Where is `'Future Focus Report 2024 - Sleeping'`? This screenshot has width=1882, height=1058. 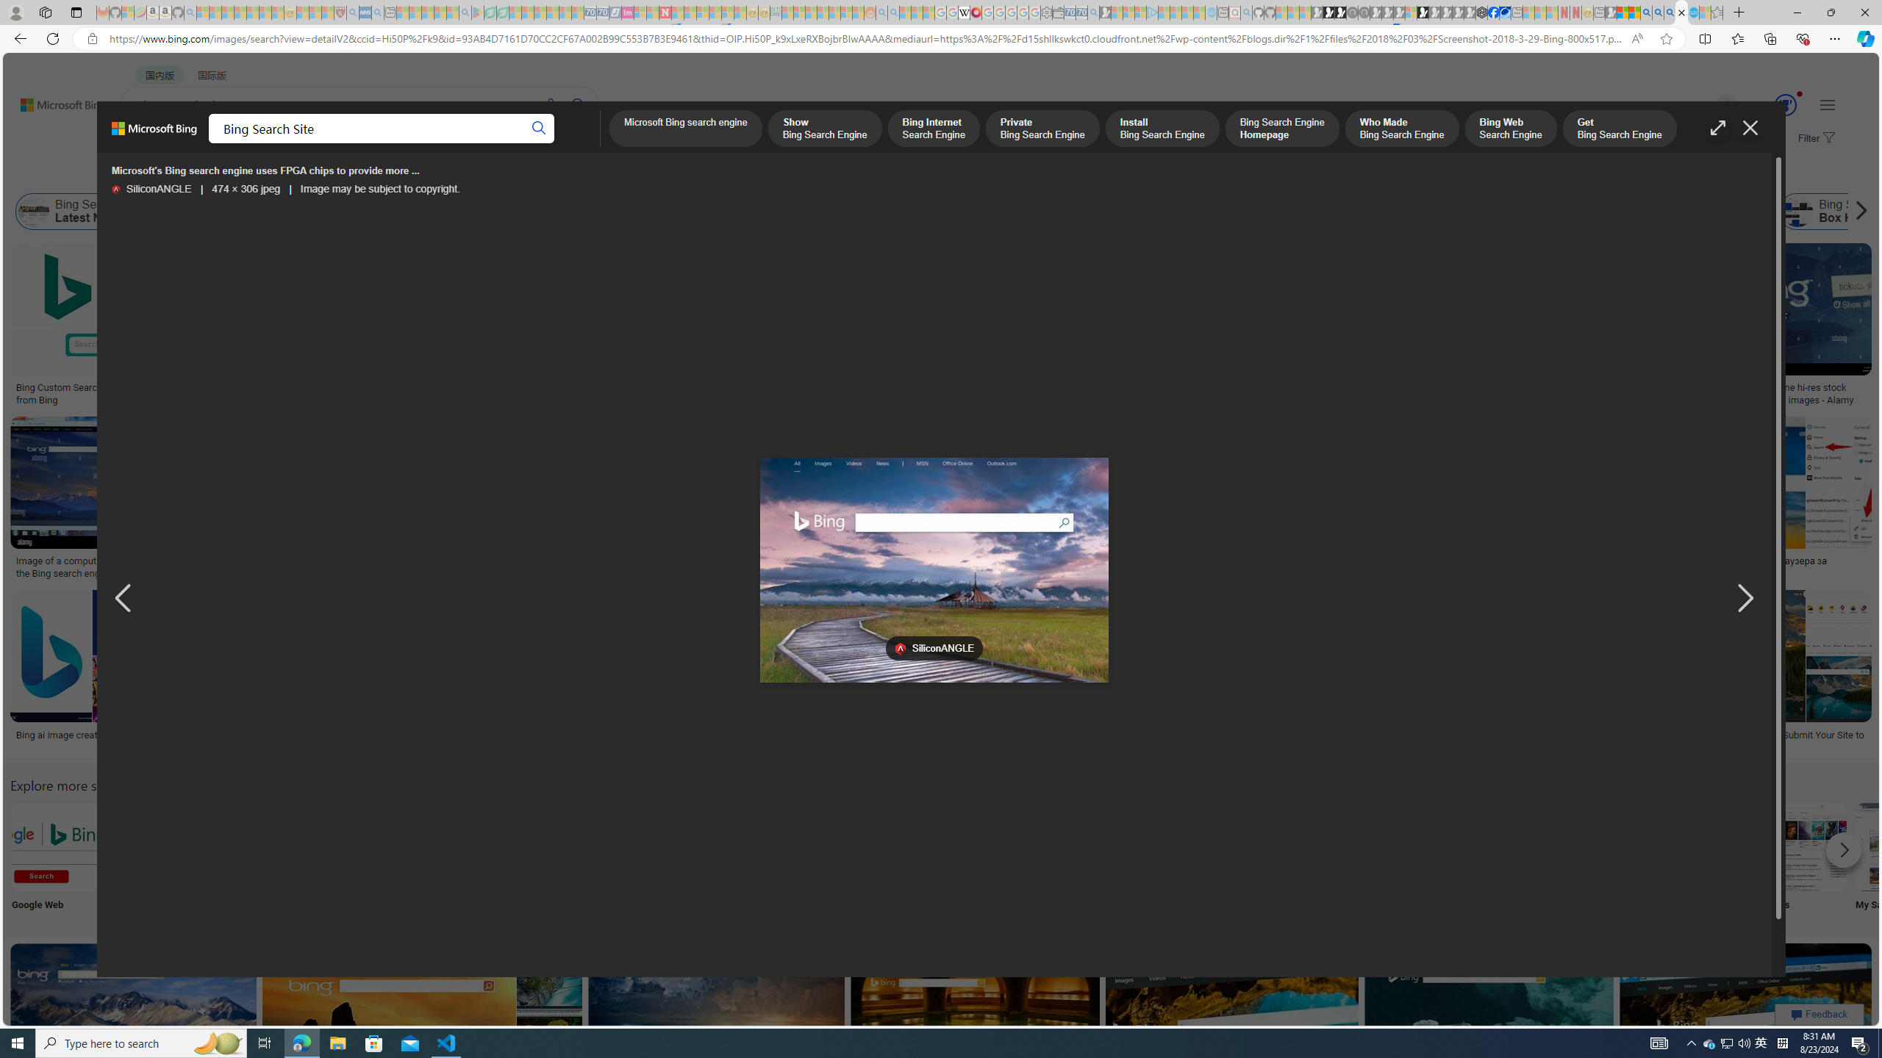 'Future Focus Report 2024 - Sleeping' is located at coordinates (1363, 12).